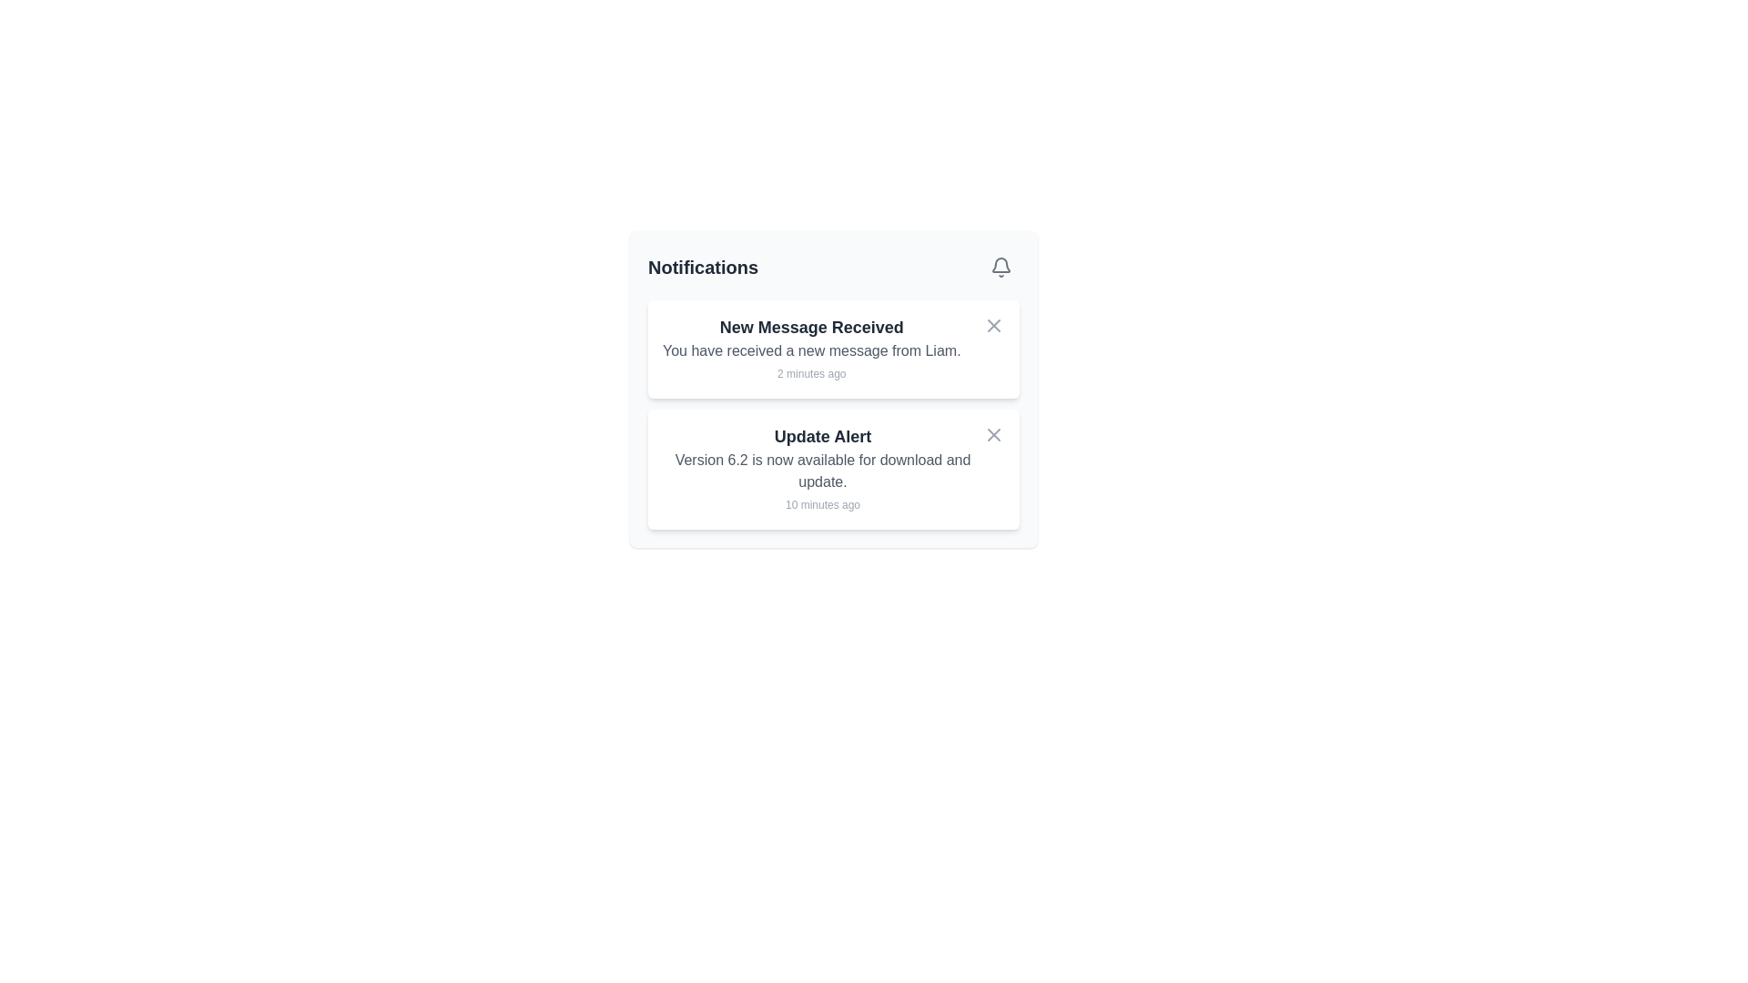  What do you see at coordinates (992, 325) in the screenshot?
I see `the close icon (an 'X' symbol) located at the top right corner of the 'New Message Received' notification card` at bounding box center [992, 325].